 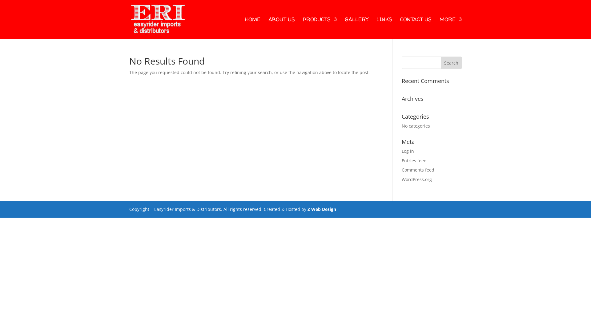 I want to click on 'ABOUT US', so click(x=281, y=28).